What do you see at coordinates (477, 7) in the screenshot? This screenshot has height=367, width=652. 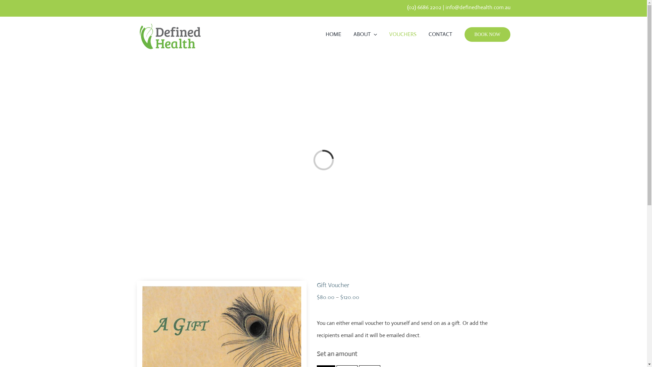 I see `'info@definedhealth.com.au'` at bounding box center [477, 7].